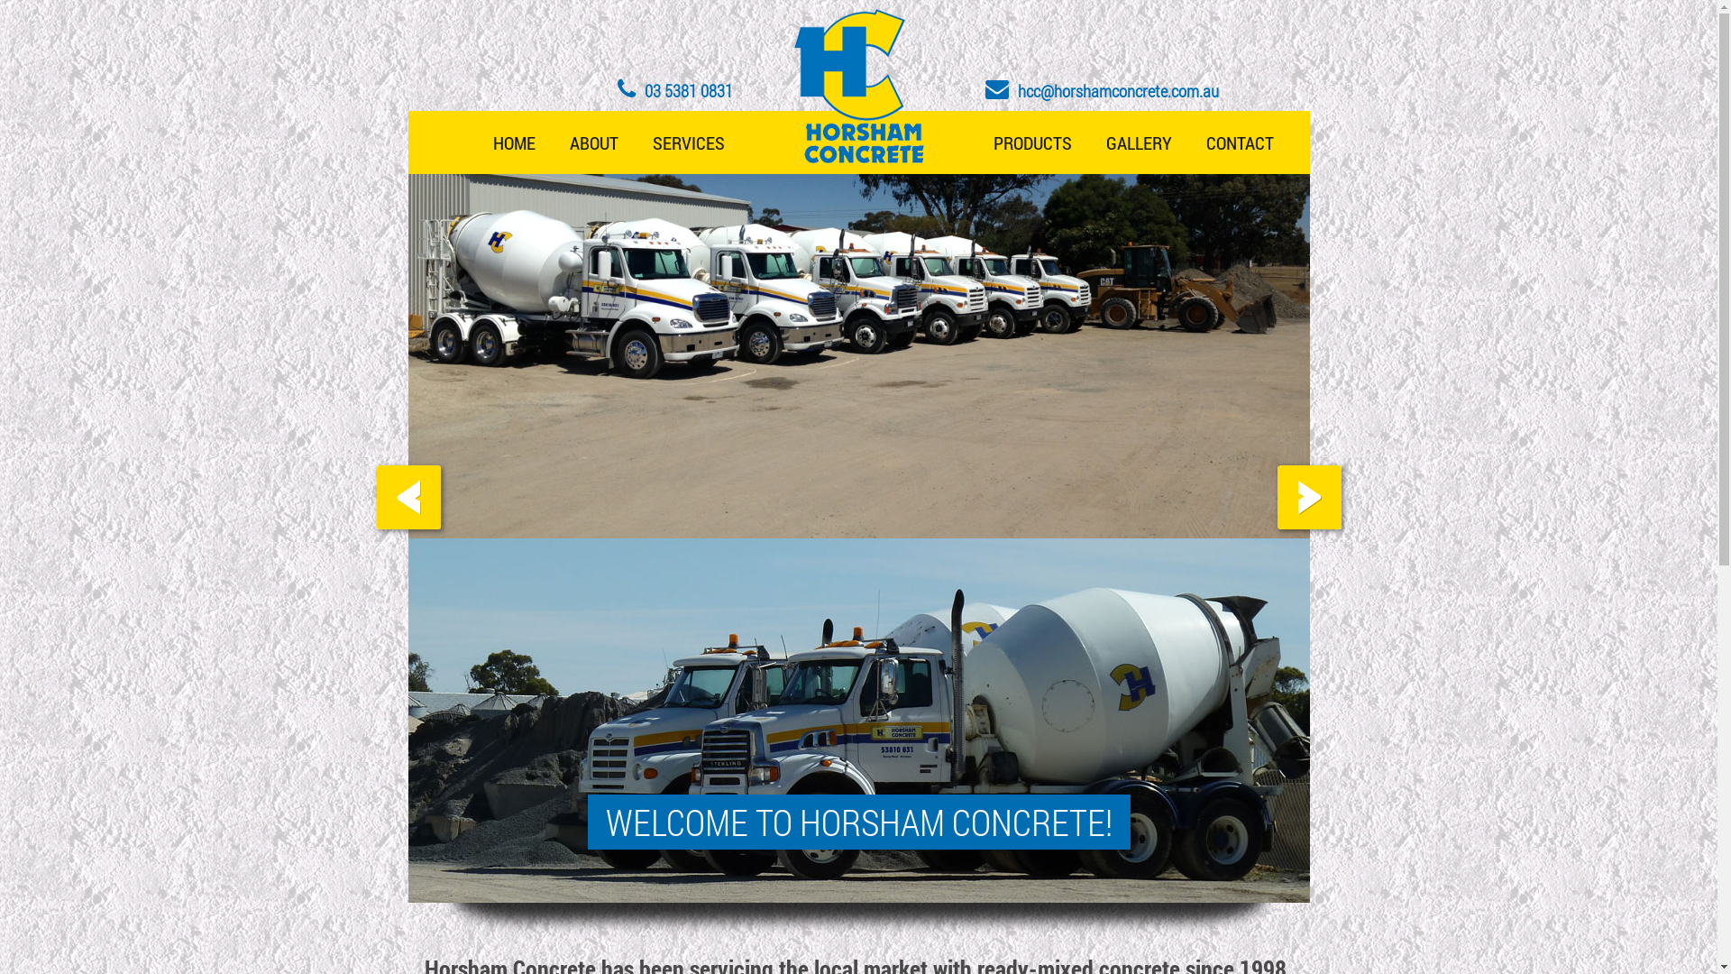  Describe the element at coordinates (513, 142) in the screenshot. I see `'HOME'` at that location.